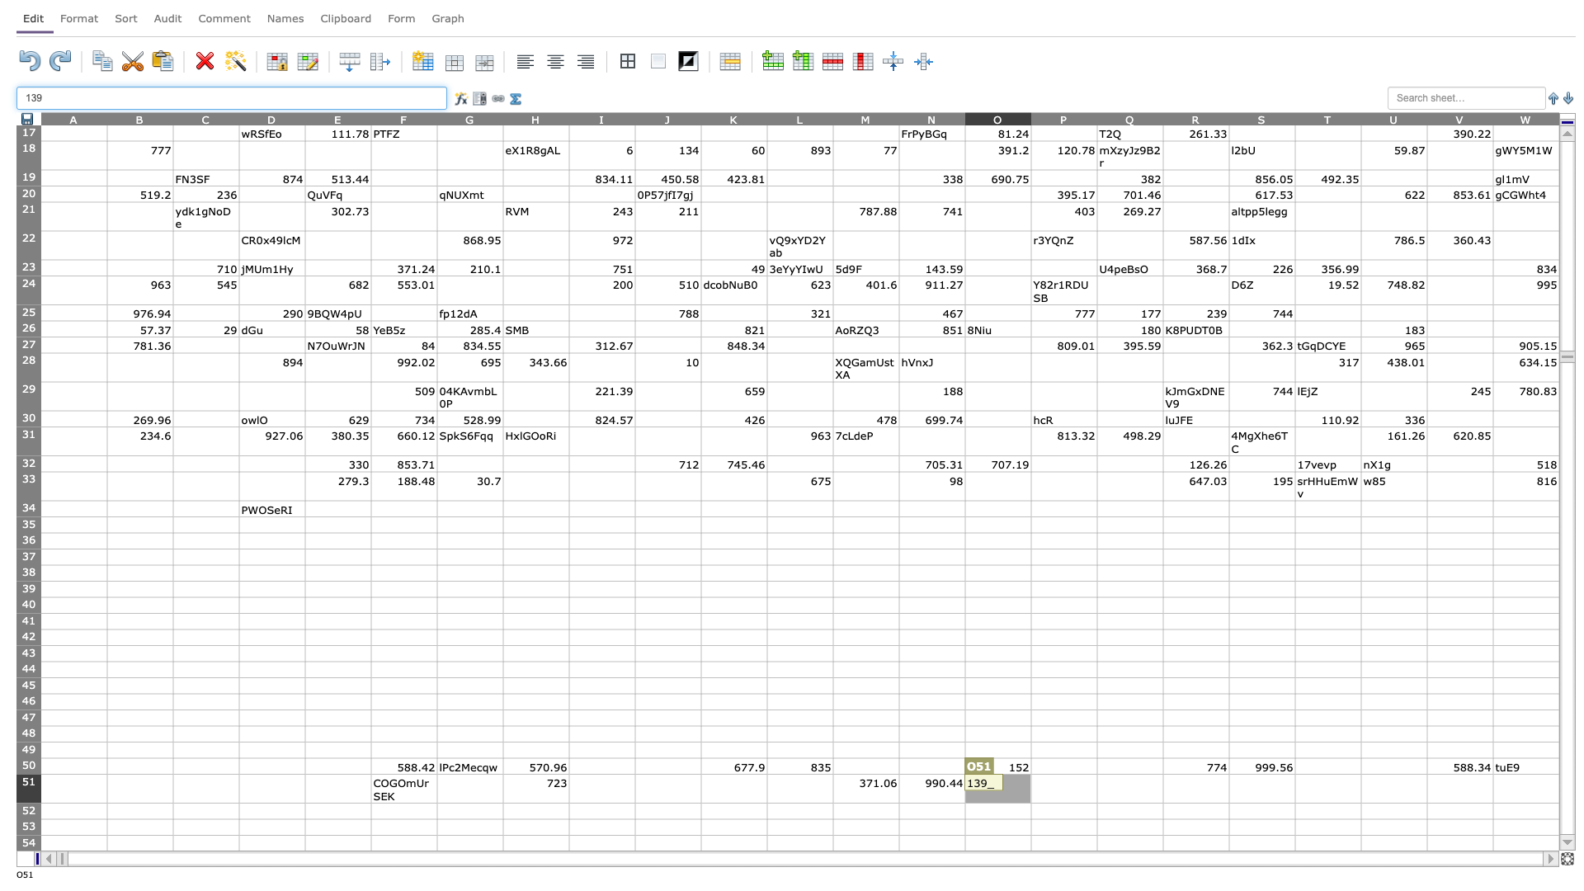 The height and width of the screenshot is (891, 1584). I want to click on Top left corner of Q-51, so click(1096, 774).